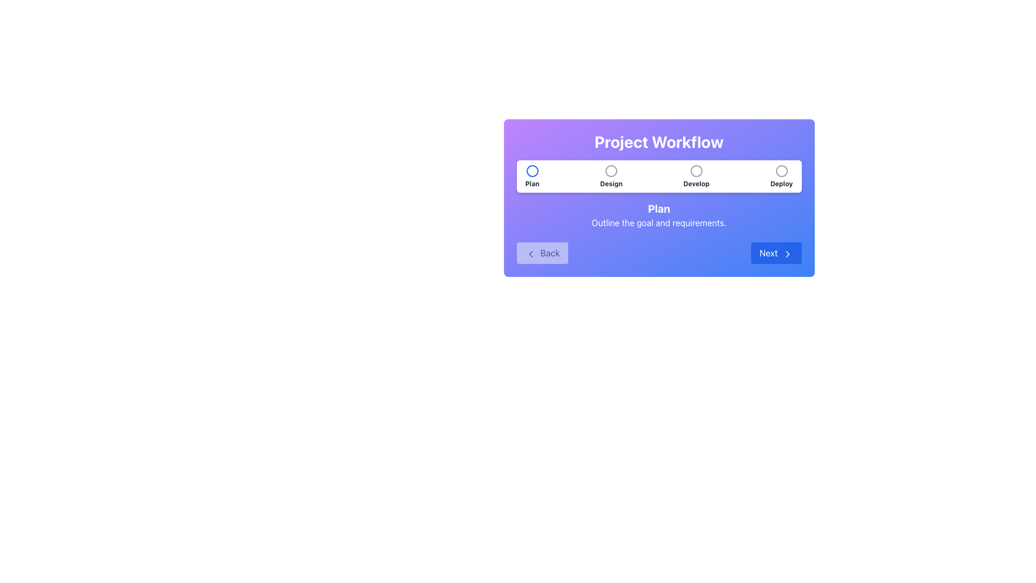 This screenshot has width=1036, height=583. Describe the element at coordinates (787, 254) in the screenshot. I see `the chevron icon located to the right of the 'Next' text on the button in the bottom right corner of the workflow card, which serves as a visual indicator for navigation suggesting a forward action` at that location.